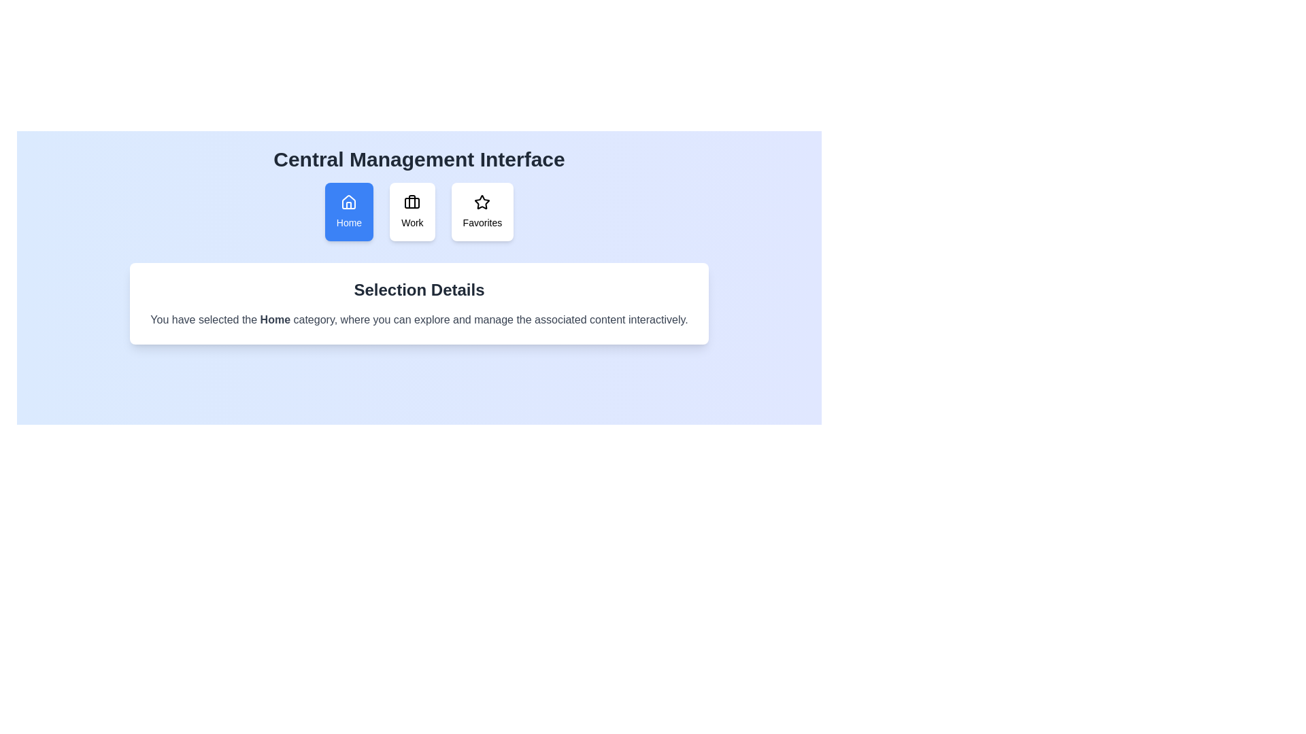 This screenshot has height=734, width=1306. I want to click on the 'Home' icon element which serves as an indicator for the 'Home' category located within the top left card among three similar cards, so click(349, 202).